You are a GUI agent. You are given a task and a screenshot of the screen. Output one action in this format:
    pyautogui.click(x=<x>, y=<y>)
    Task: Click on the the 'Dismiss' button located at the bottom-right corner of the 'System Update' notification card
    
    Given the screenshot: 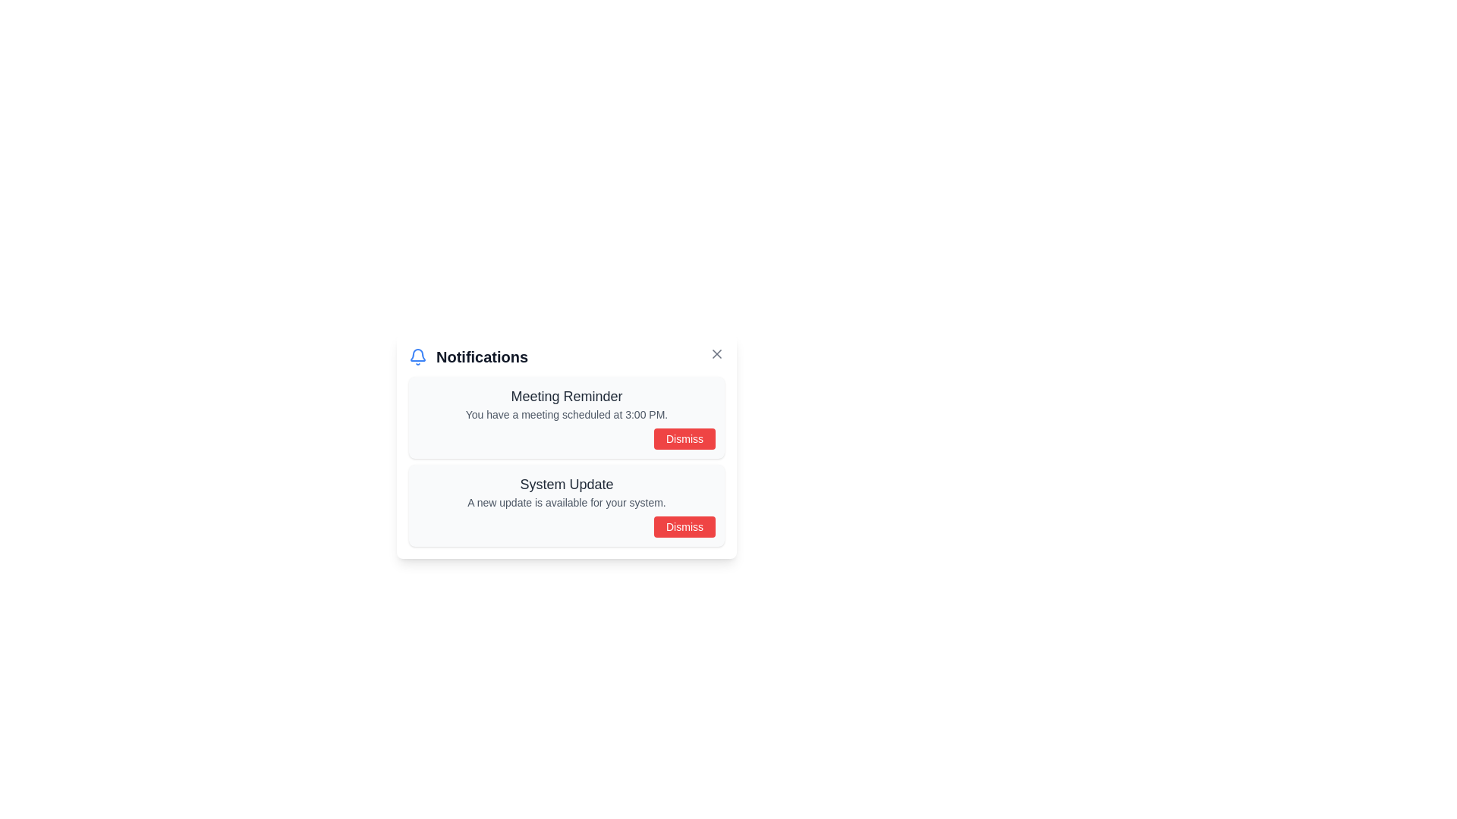 What is the action you would take?
    pyautogui.click(x=566, y=526)
    